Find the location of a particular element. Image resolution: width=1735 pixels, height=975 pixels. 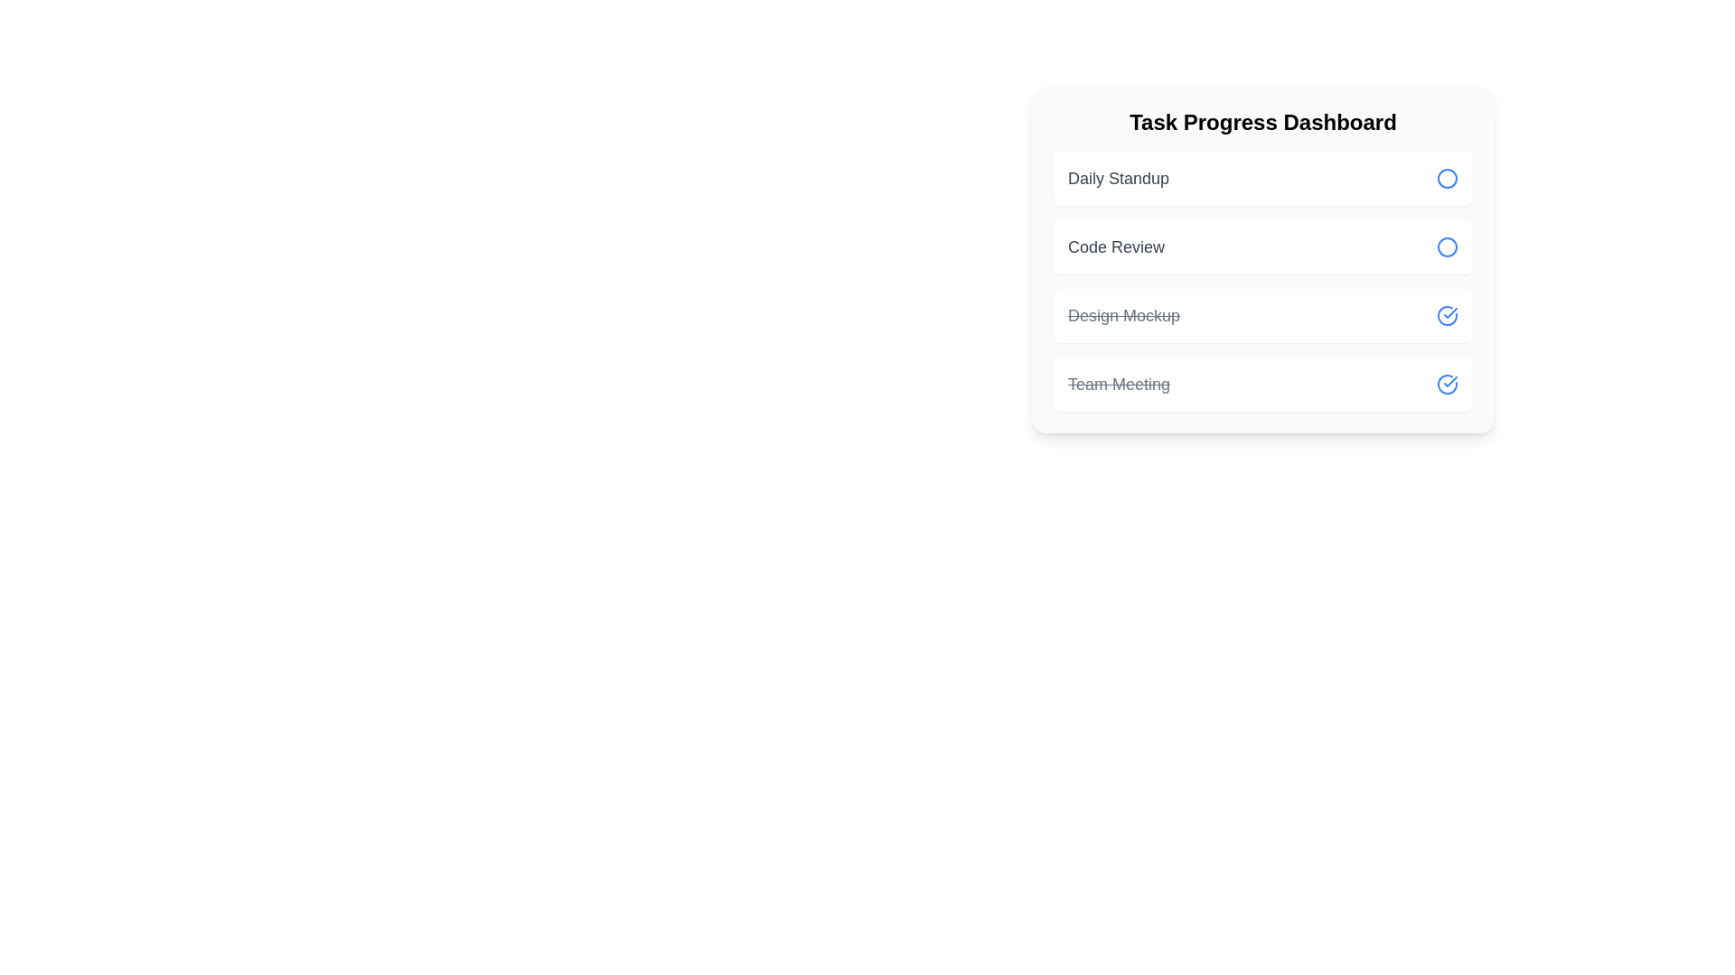

the 'Team Meeting' task item in the 'Task Progress Dashboard', which is marked as done and located below the 'Design Mockup' item is located at coordinates (1261, 383).